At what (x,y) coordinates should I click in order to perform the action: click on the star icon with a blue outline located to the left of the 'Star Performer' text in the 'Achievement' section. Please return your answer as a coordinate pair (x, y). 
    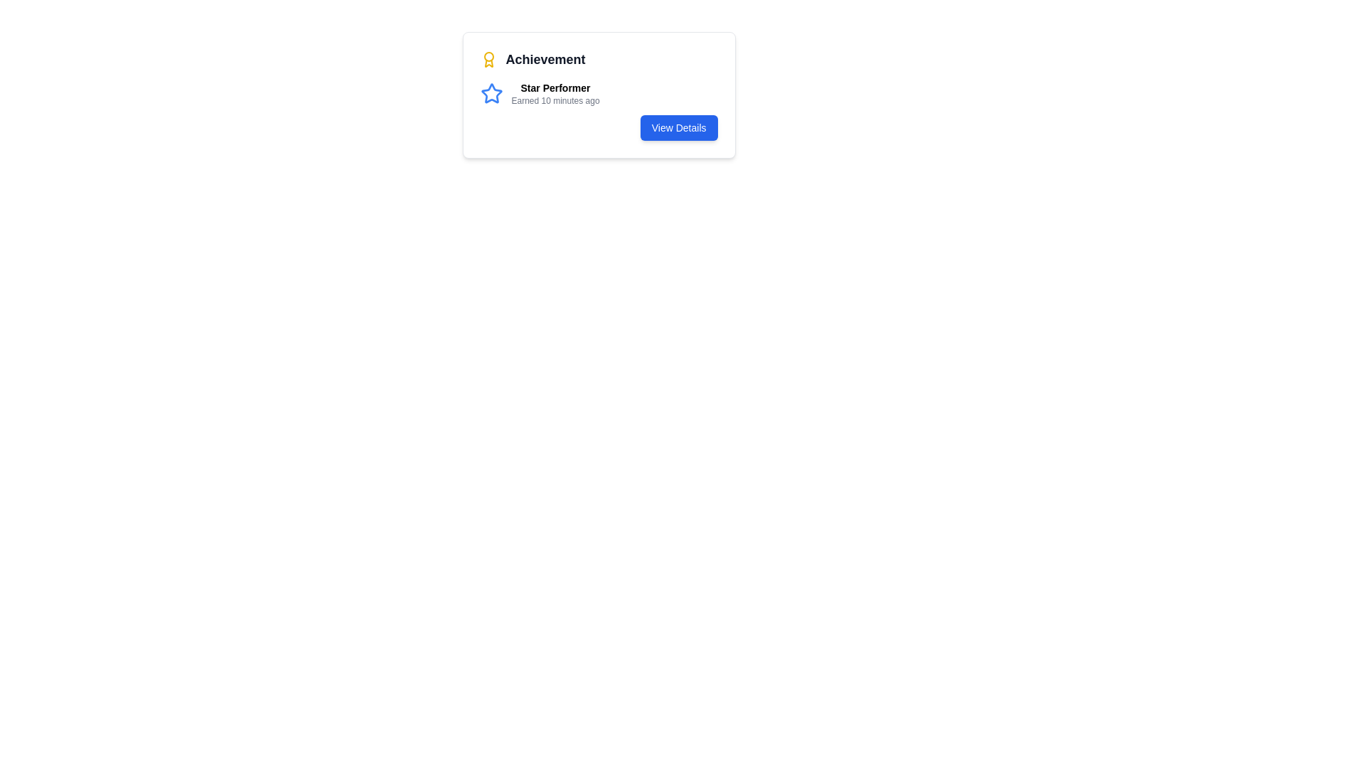
    Looking at the image, I should click on (491, 93).